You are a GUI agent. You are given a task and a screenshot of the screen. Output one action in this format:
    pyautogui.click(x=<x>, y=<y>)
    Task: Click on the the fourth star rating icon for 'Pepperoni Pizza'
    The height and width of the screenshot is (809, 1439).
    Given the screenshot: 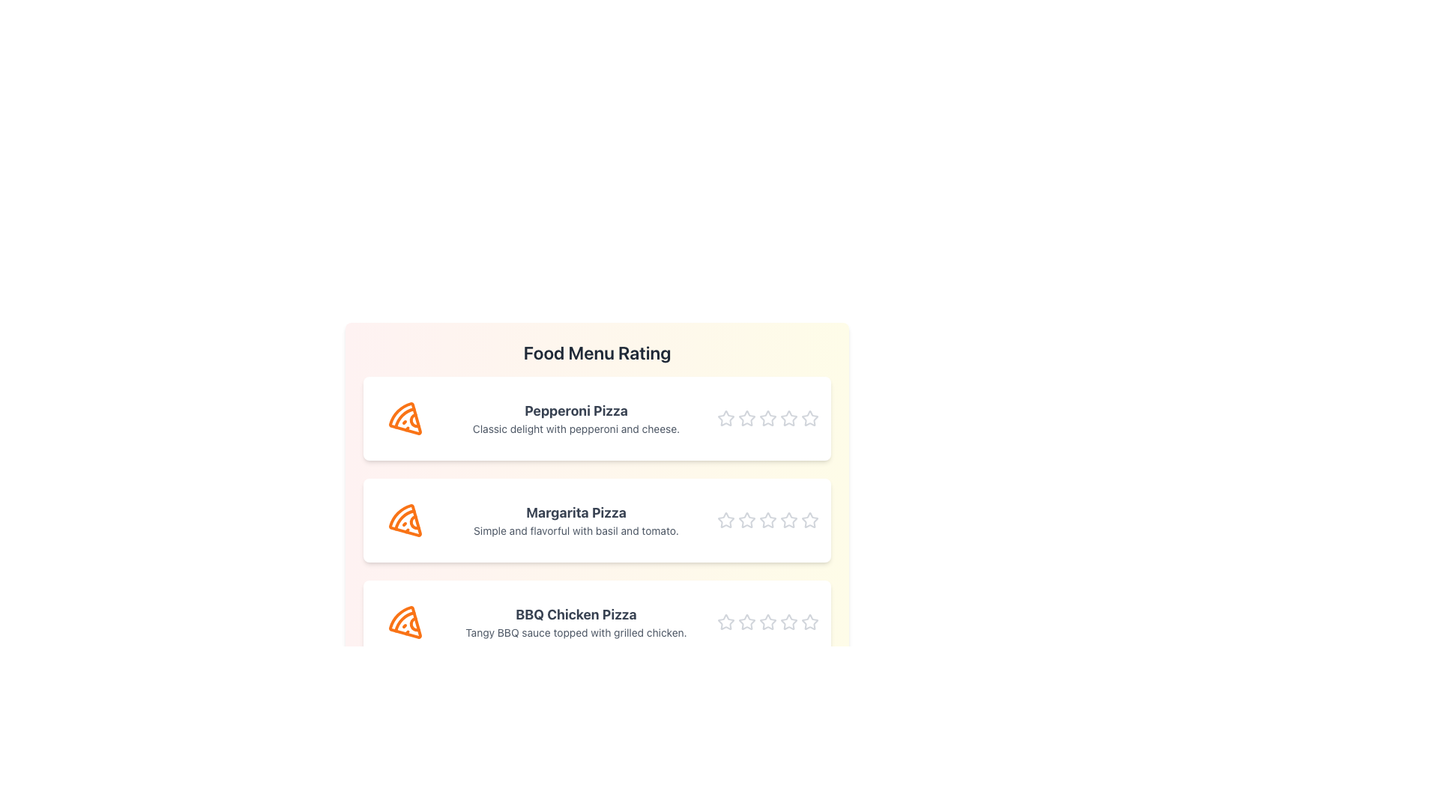 What is the action you would take?
    pyautogui.click(x=809, y=418)
    